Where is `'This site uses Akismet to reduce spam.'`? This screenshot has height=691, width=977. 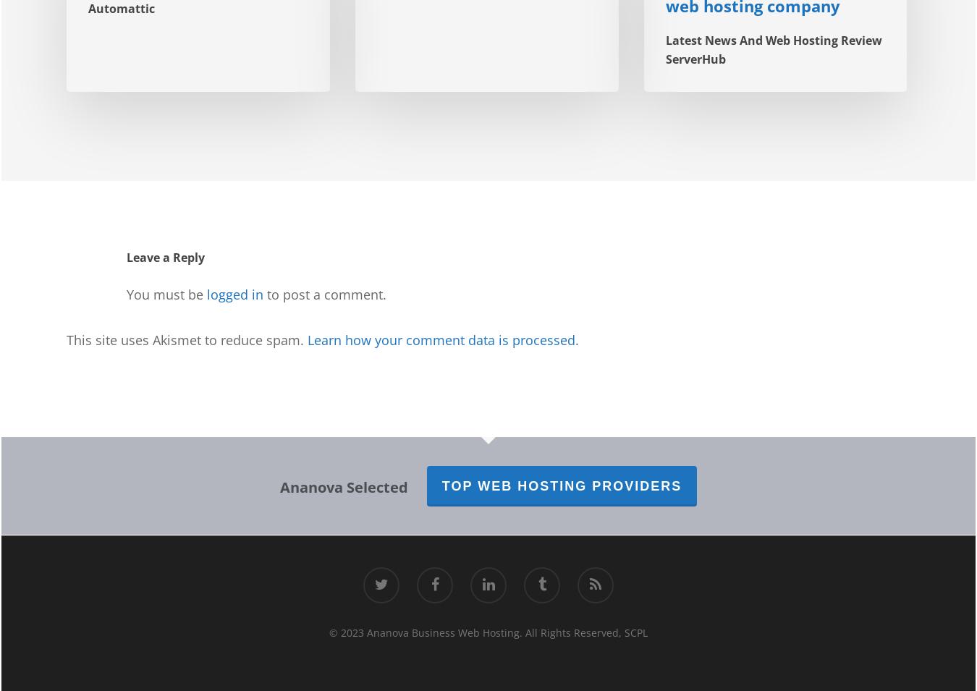
'This site uses Akismet to reduce spam.' is located at coordinates (186, 339).